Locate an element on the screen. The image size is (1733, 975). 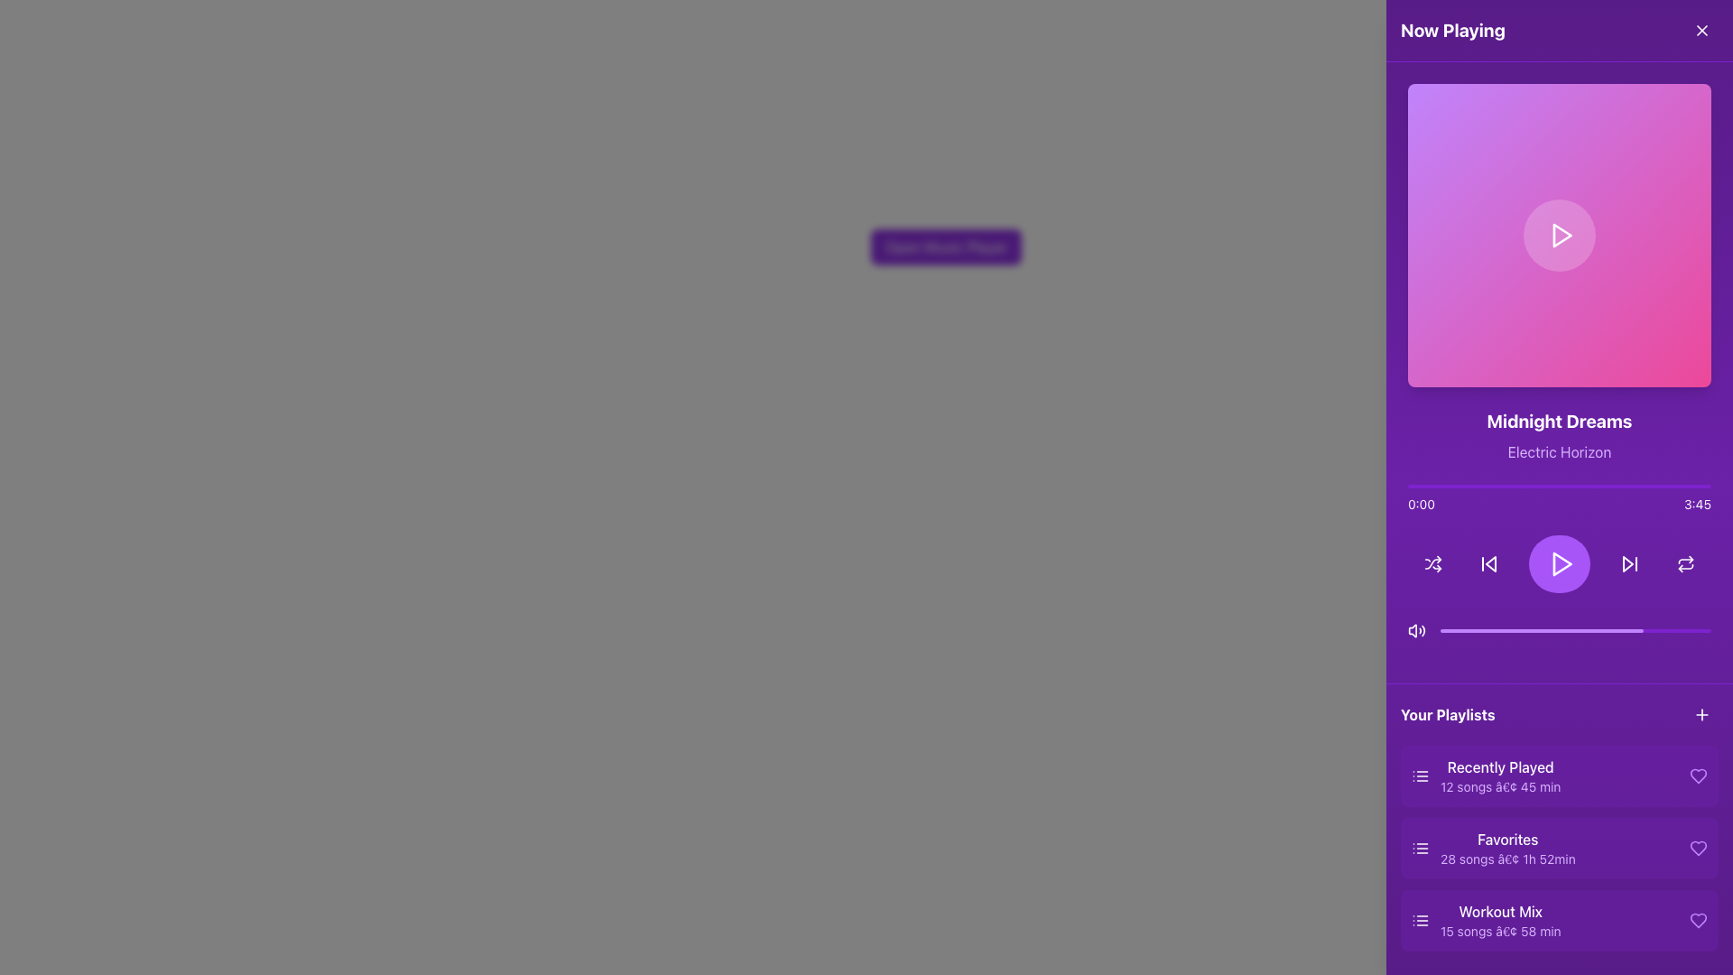
the circular skip-forward button with a purple background and white outlined icon in the music playback control interface is located at coordinates (1629, 562).